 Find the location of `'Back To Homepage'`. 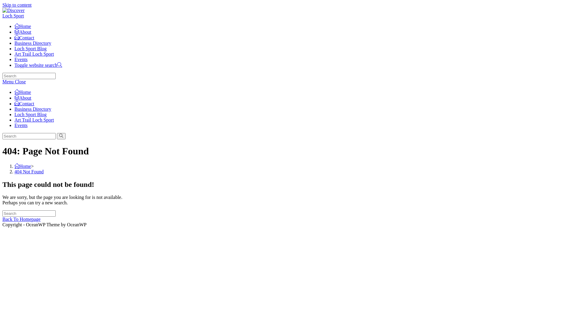

'Back To Homepage' is located at coordinates (21, 219).